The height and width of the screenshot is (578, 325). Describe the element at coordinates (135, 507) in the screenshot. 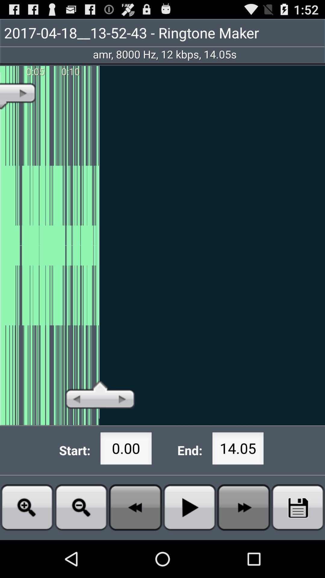

I see `go back` at that location.